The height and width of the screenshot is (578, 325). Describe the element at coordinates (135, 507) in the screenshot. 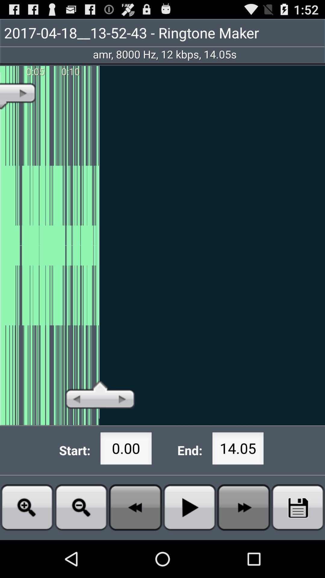

I see `go back` at that location.